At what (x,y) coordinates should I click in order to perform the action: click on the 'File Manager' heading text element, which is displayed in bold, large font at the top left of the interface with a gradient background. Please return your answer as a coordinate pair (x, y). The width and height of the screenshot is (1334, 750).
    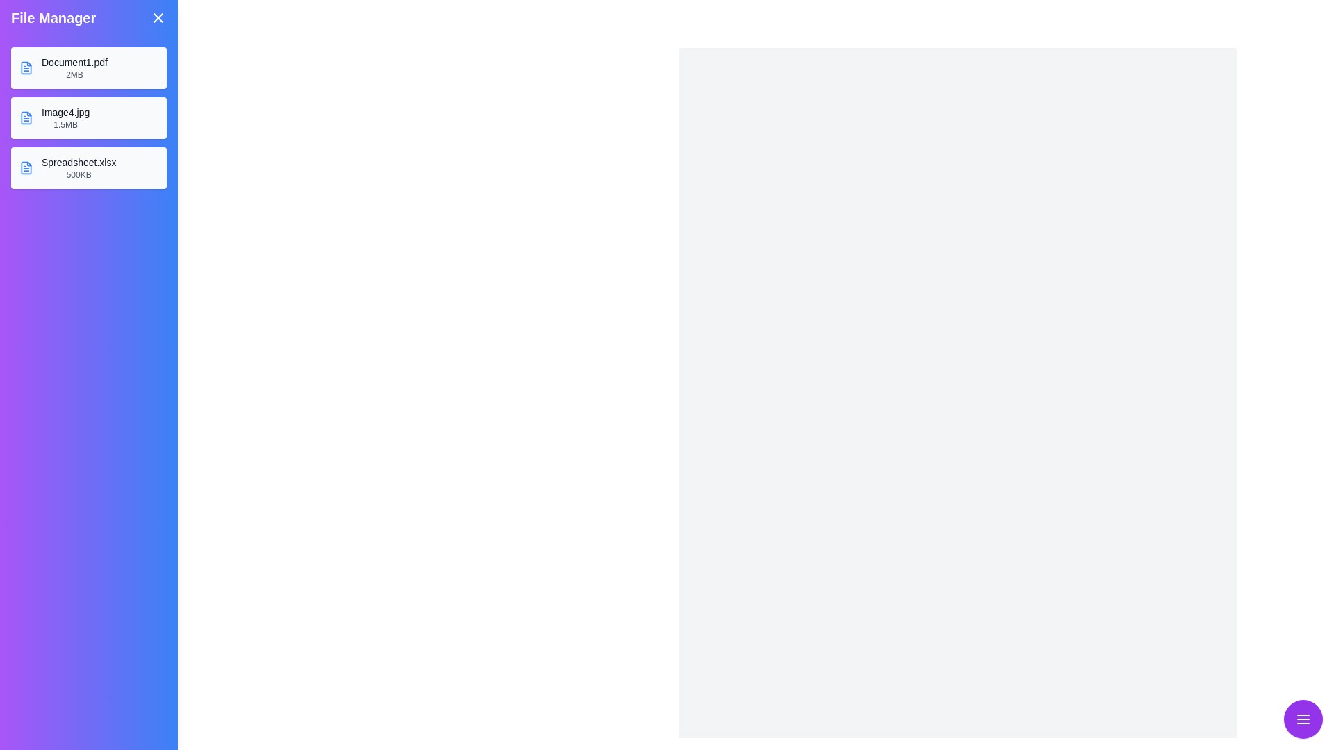
    Looking at the image, I should click on (53, 18).